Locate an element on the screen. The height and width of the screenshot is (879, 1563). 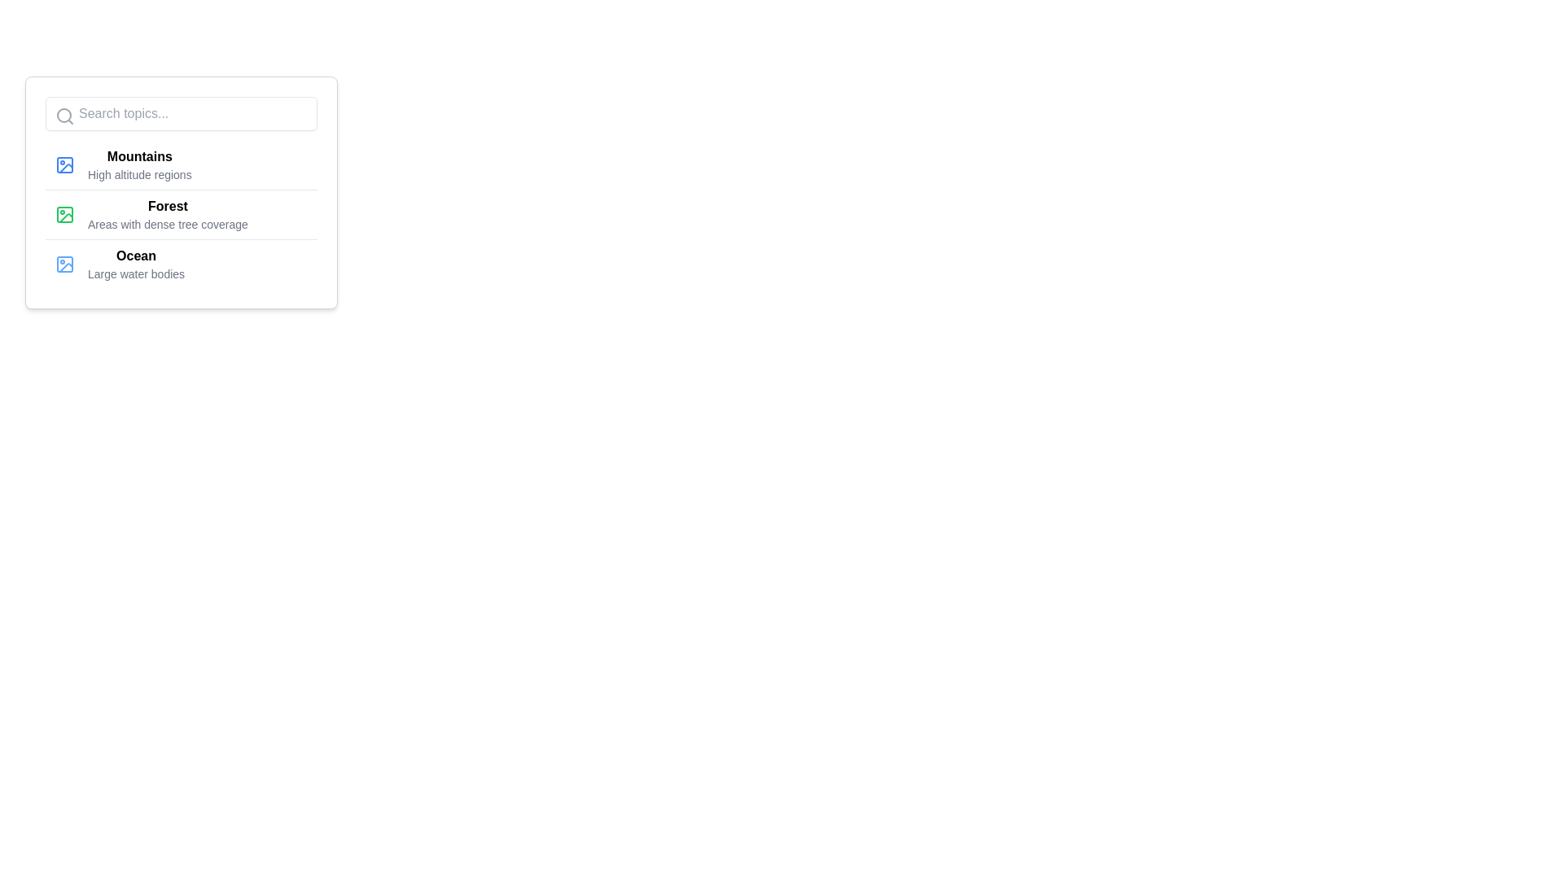
the text label that provides additional descriptive information about the 'Forest' category, located below the title 'Forest' in the left panel of the interface is located at coordinates (168, 225).